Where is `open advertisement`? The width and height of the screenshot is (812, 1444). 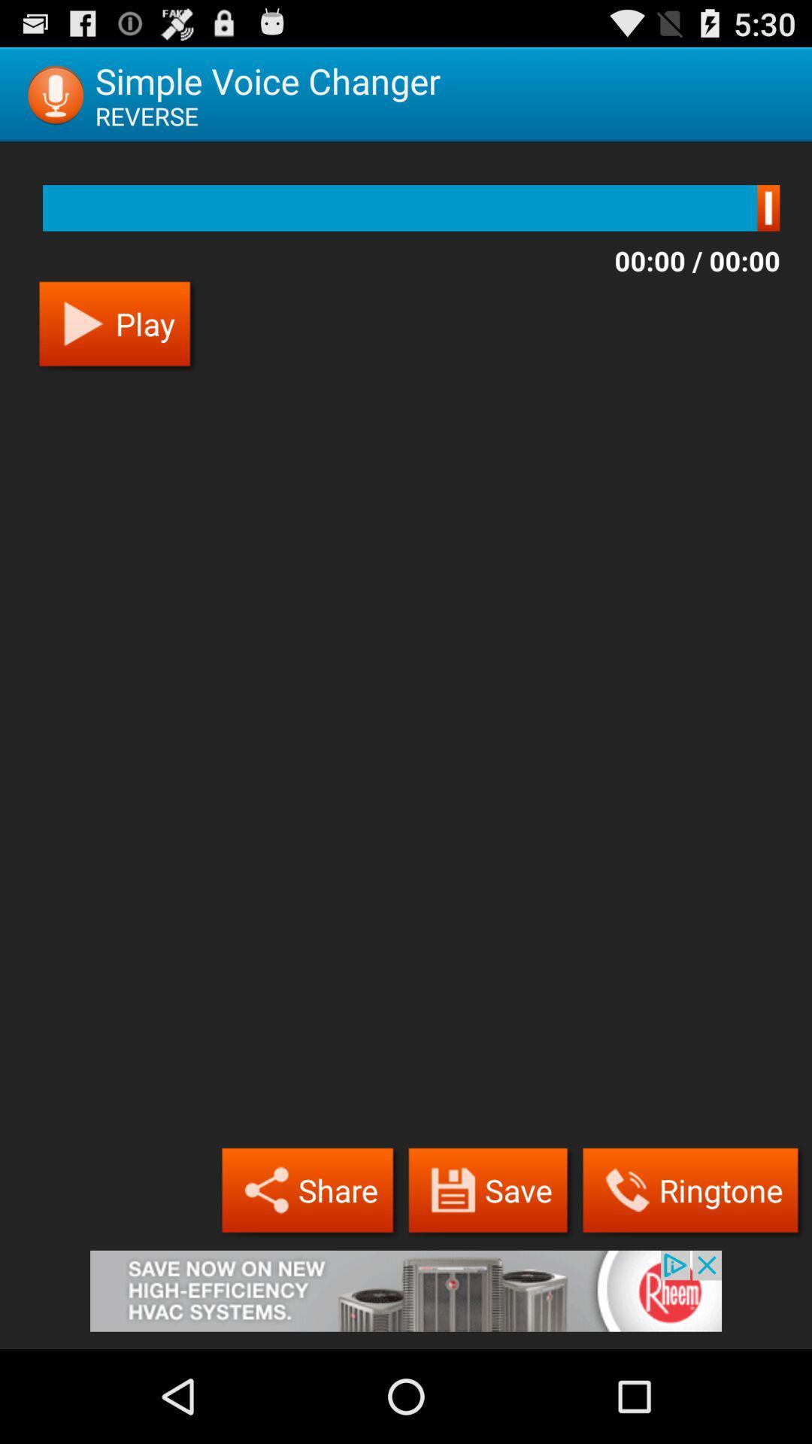
open advertisement is located at coordinates (406, 1299).